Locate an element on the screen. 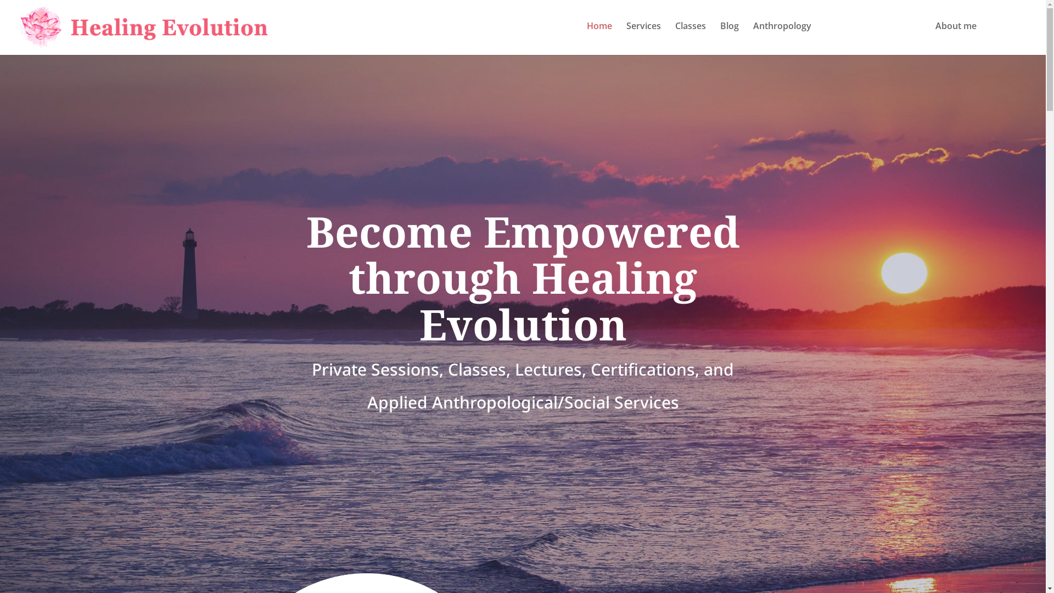 The image size is (1054, 593). 'Classes' is located at coordinates (689, 36).